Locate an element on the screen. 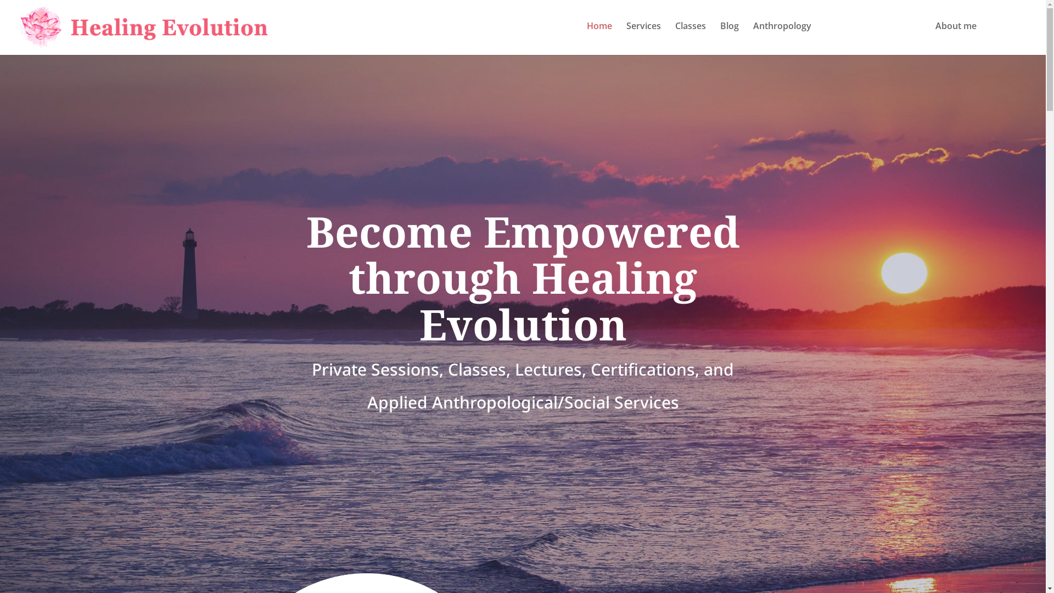 The image size is (1054, 593). 'Classes' is located at coordinates (689, 36).